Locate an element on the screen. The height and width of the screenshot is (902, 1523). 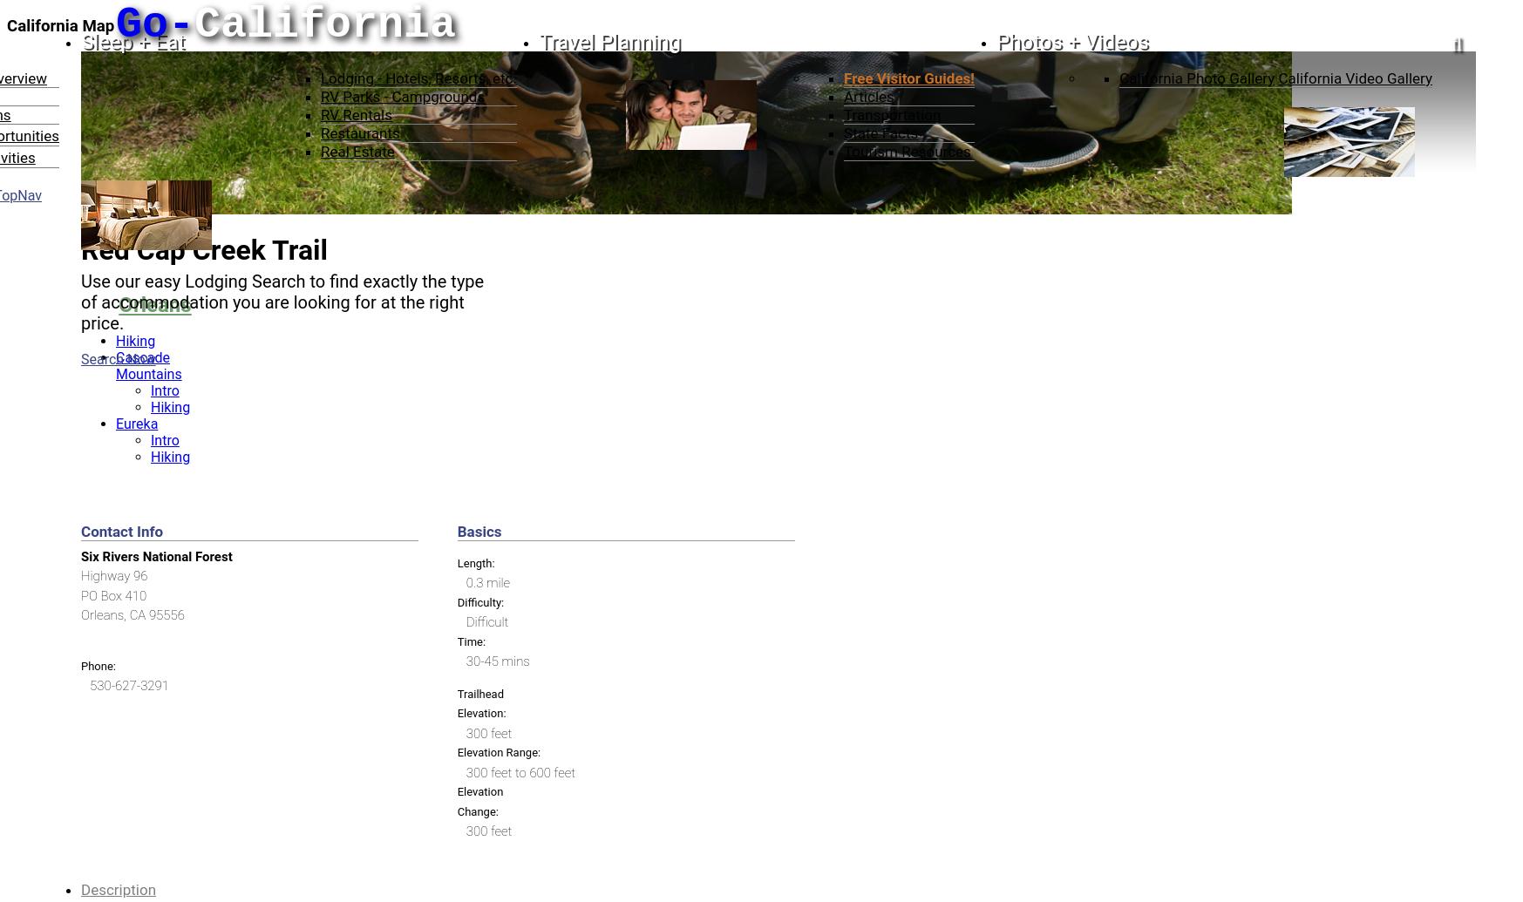
'Eureka' is located at coordinates (137, 424).